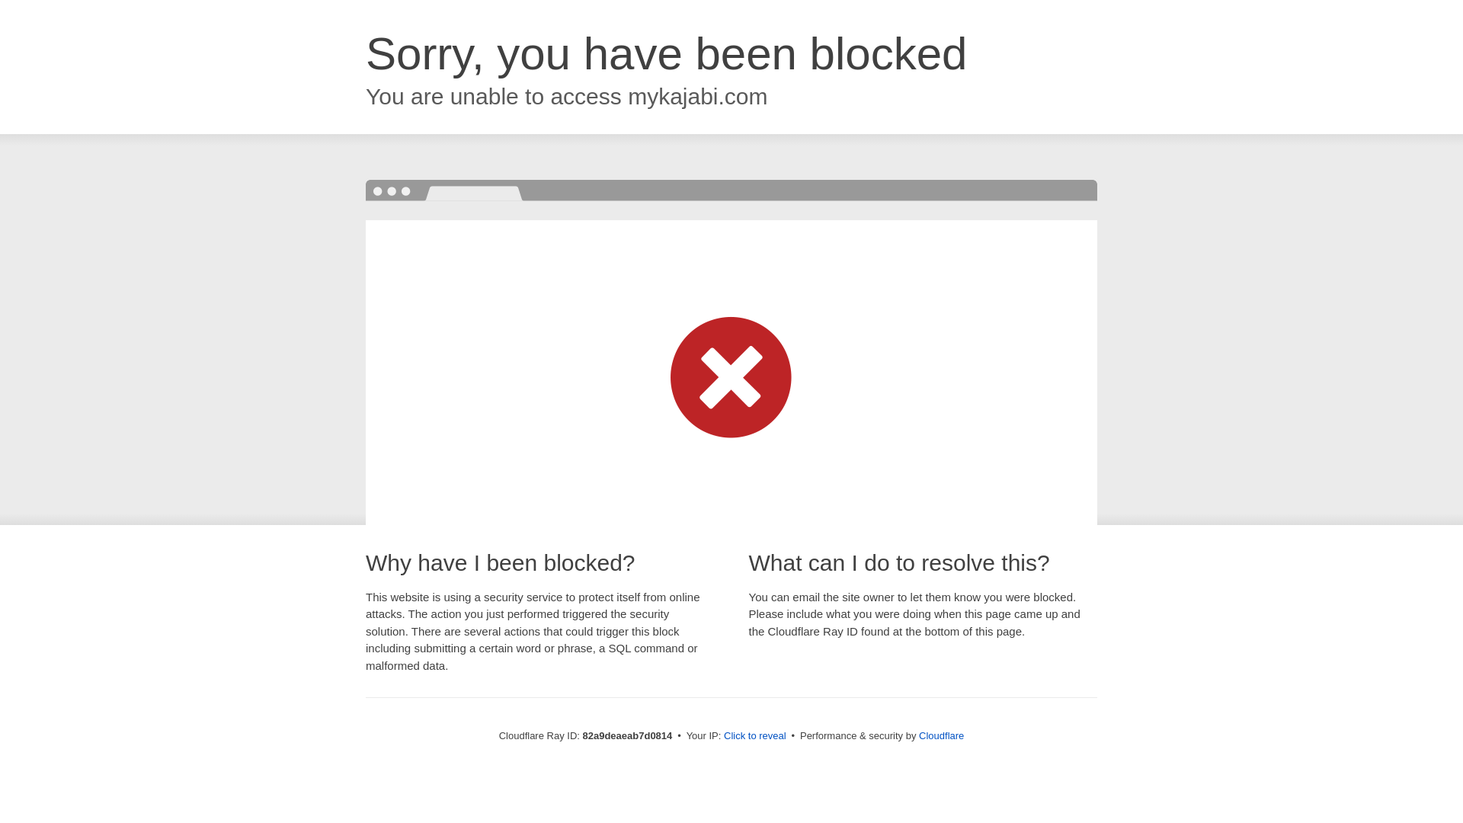 The image size is (1463, 823). What do you see at coordinates (940, 735) in the screenshot?
I see `'Cloudflare'` at bounding box center [940, 735].